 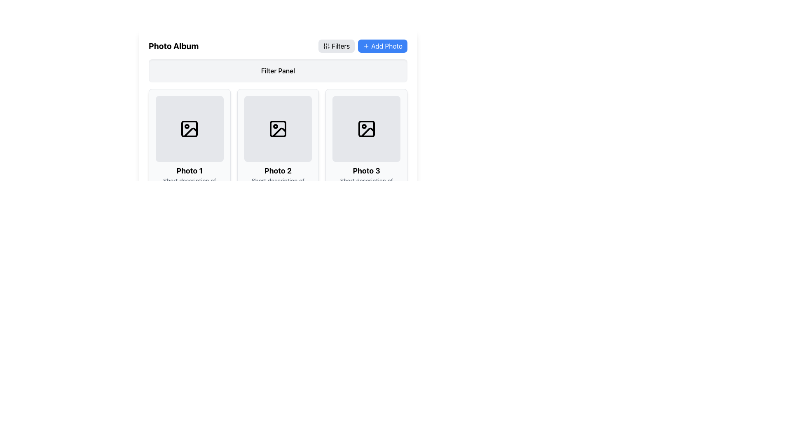 What do you see at coordinates (366, 144) in the screenshot?
I see `the photo area of the Card representing 'Photo 3', which is the third item in the grid of photo cards in the 'Photo Album' section` at bounding box center [366, 144].